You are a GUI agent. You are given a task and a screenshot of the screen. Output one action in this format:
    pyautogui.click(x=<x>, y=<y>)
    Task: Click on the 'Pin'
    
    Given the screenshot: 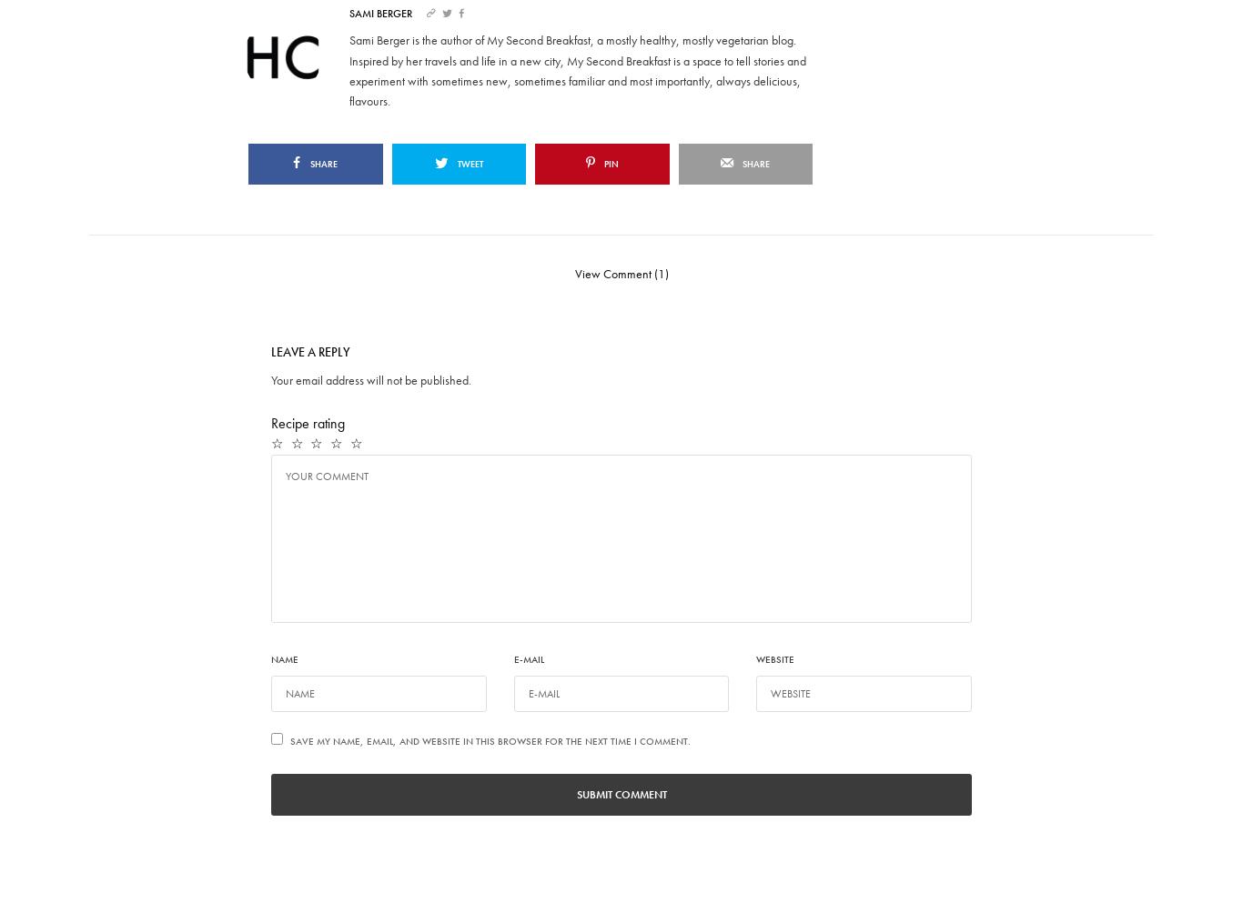 What is the action you would take?
    pyautogui.click(x=603, y=162)
    